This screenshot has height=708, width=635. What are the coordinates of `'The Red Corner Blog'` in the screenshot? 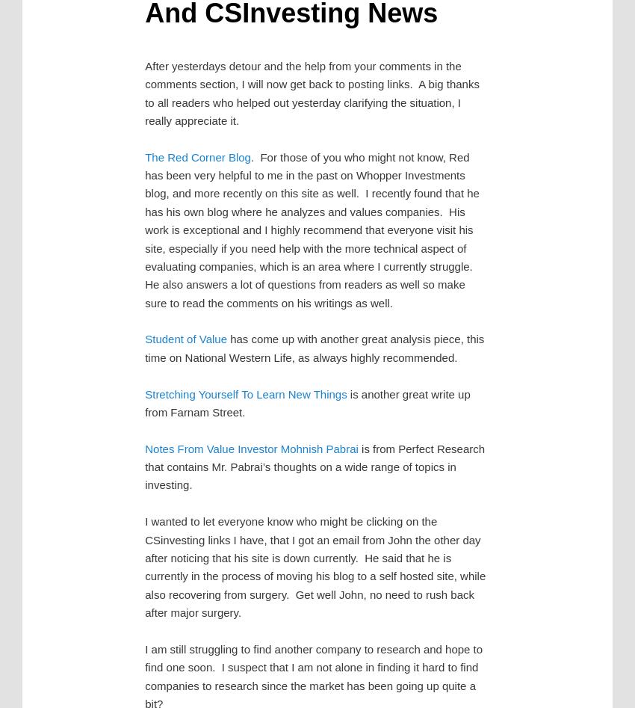 It's located at (196, 156).